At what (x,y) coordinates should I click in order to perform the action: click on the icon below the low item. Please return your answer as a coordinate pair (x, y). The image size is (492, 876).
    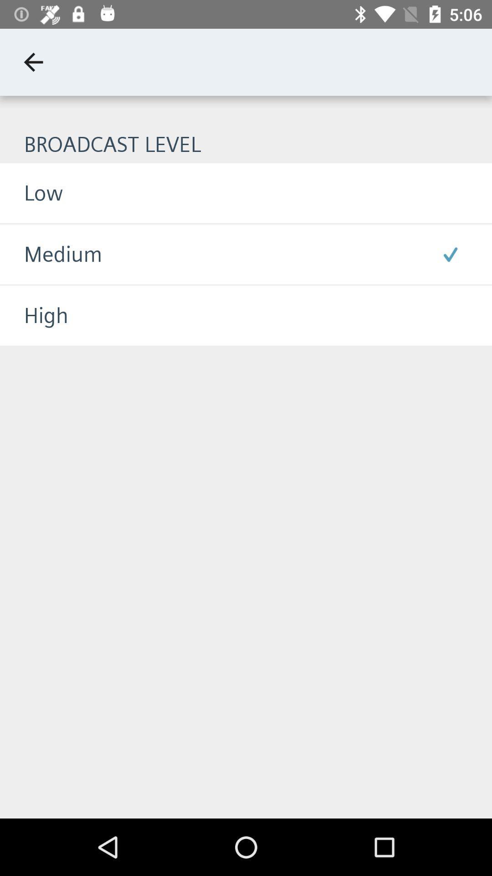
    Looking at the image, I should click on (51, 254).